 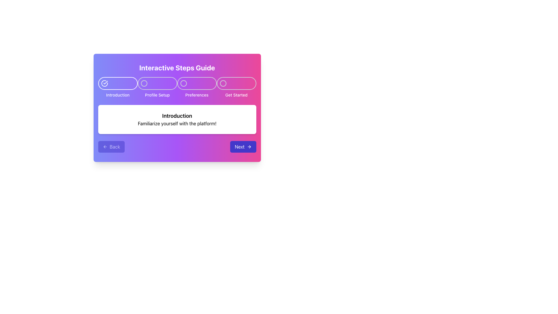 I want to click on the right-facing arrow icon located next to the 'Next' button at the bottom-right corner of the modal window, so click(x=250, y=147).